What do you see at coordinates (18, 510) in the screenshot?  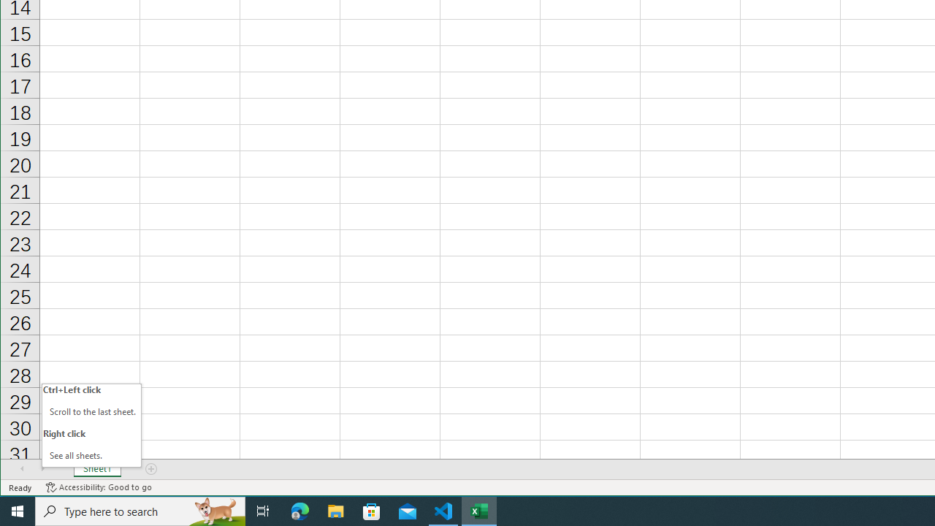 I see `'Start'` at bounding box center [18, 510].